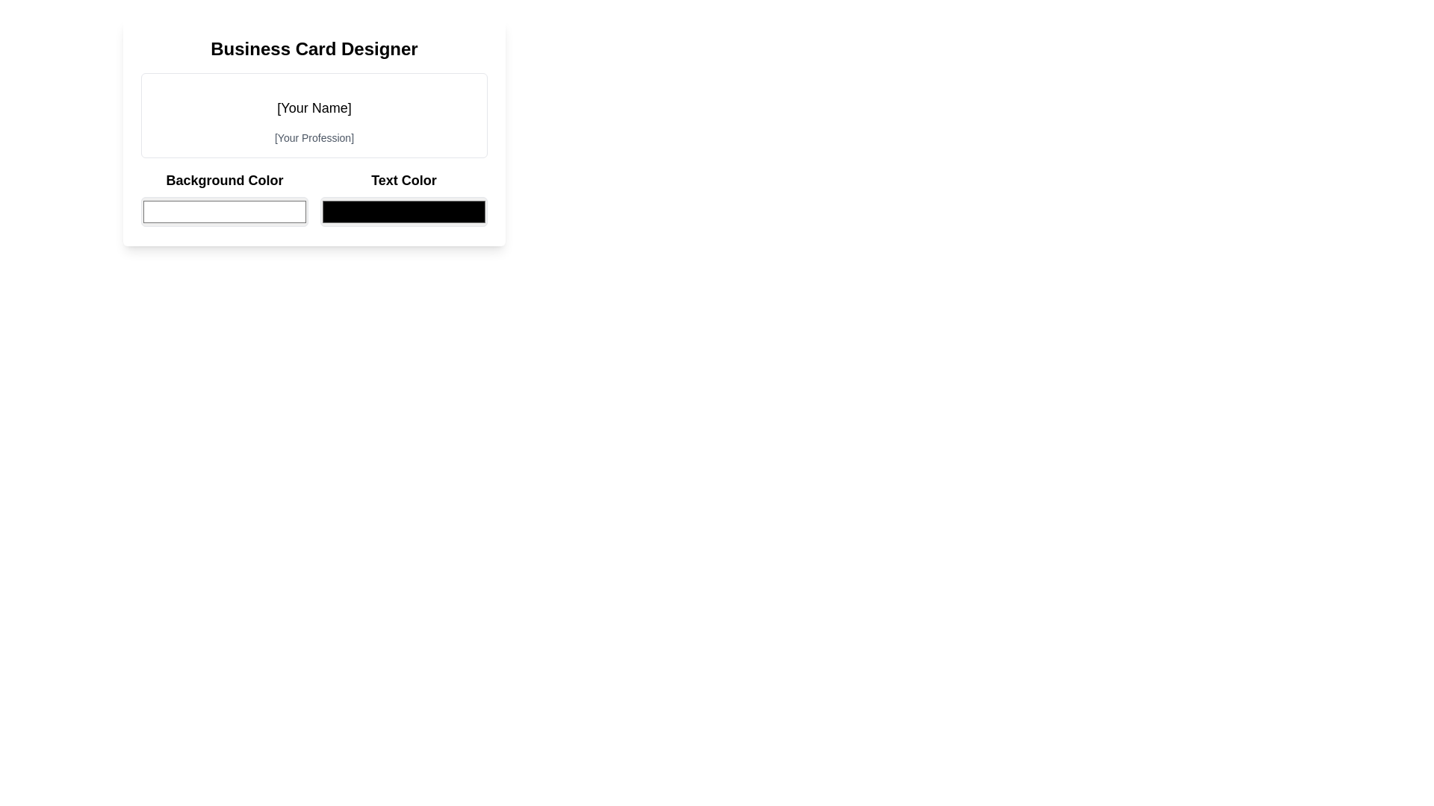 This screenshot has height=806, width=1434. I want to click on the Color Display Area, which is a black rectangular box with a rounded border located below the 'Text Color' label, so click(404, 198).